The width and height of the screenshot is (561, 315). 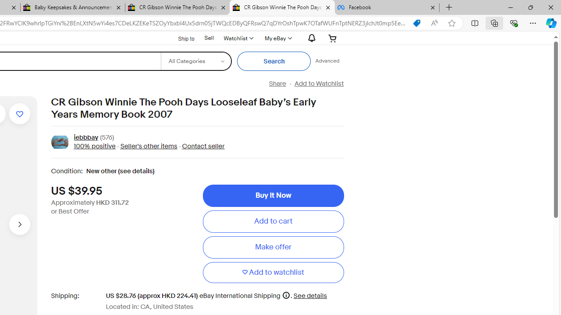 What do you see at coordinates (416, 23) in the screenshot?
I see `'You have the best price!'` at bounding box center [416, 23].